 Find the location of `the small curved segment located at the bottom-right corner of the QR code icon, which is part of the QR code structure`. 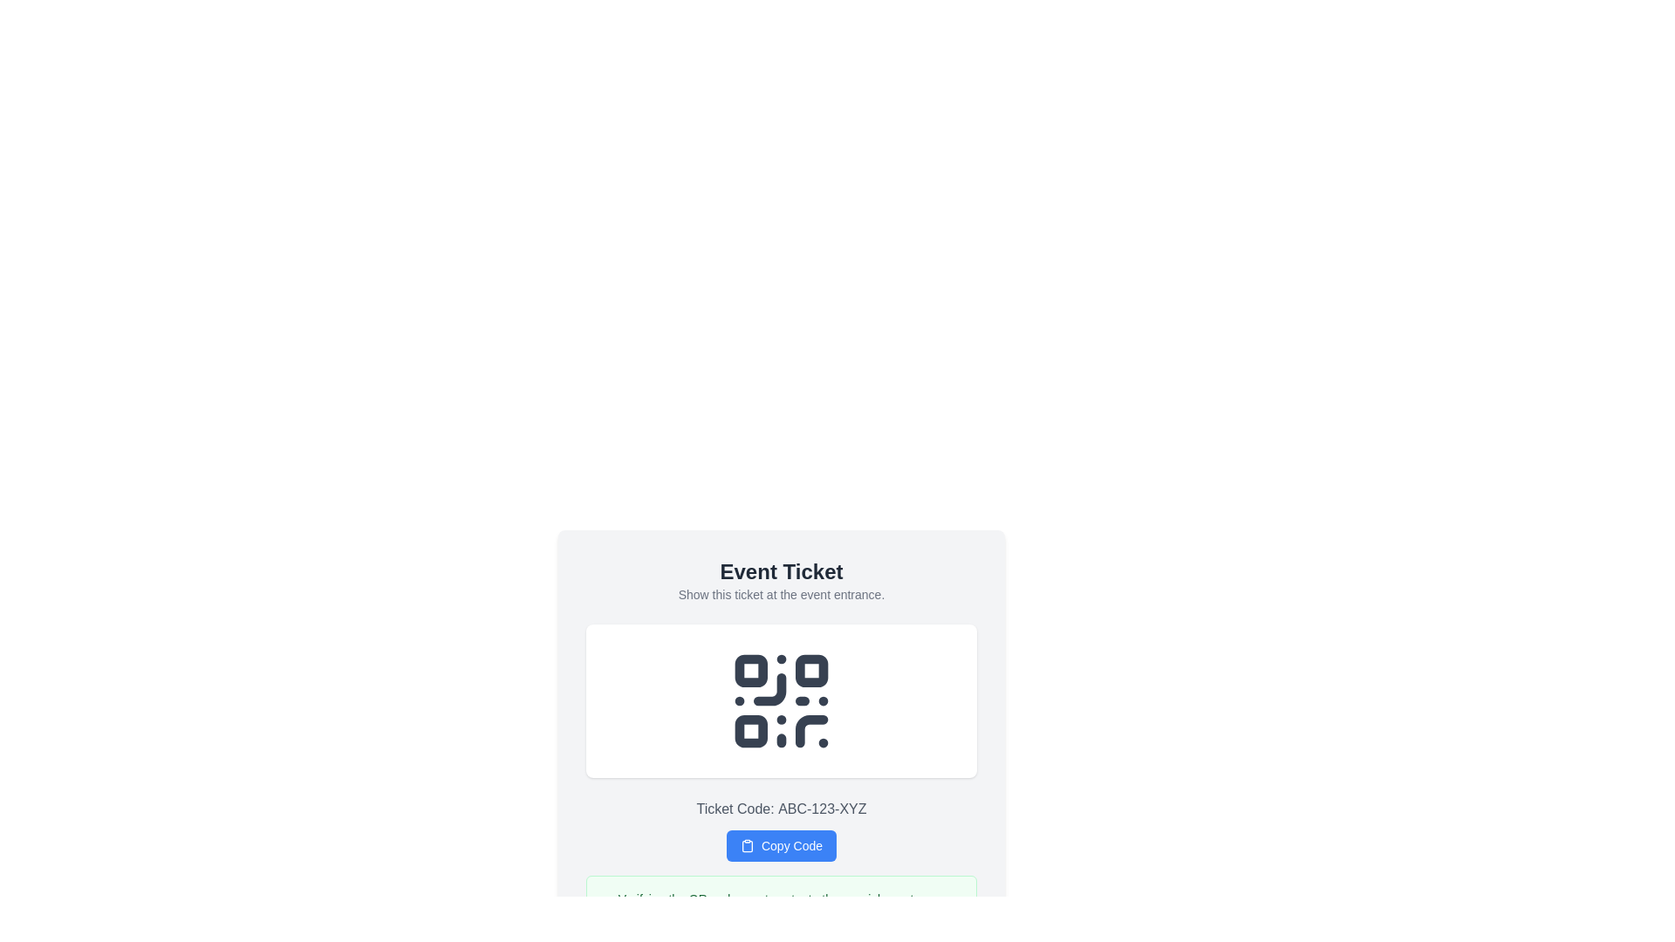

the small curved segment located at the bottom-right corner of the QR code icon, which is part of the QR code structure is located at coordinates (810, 731).